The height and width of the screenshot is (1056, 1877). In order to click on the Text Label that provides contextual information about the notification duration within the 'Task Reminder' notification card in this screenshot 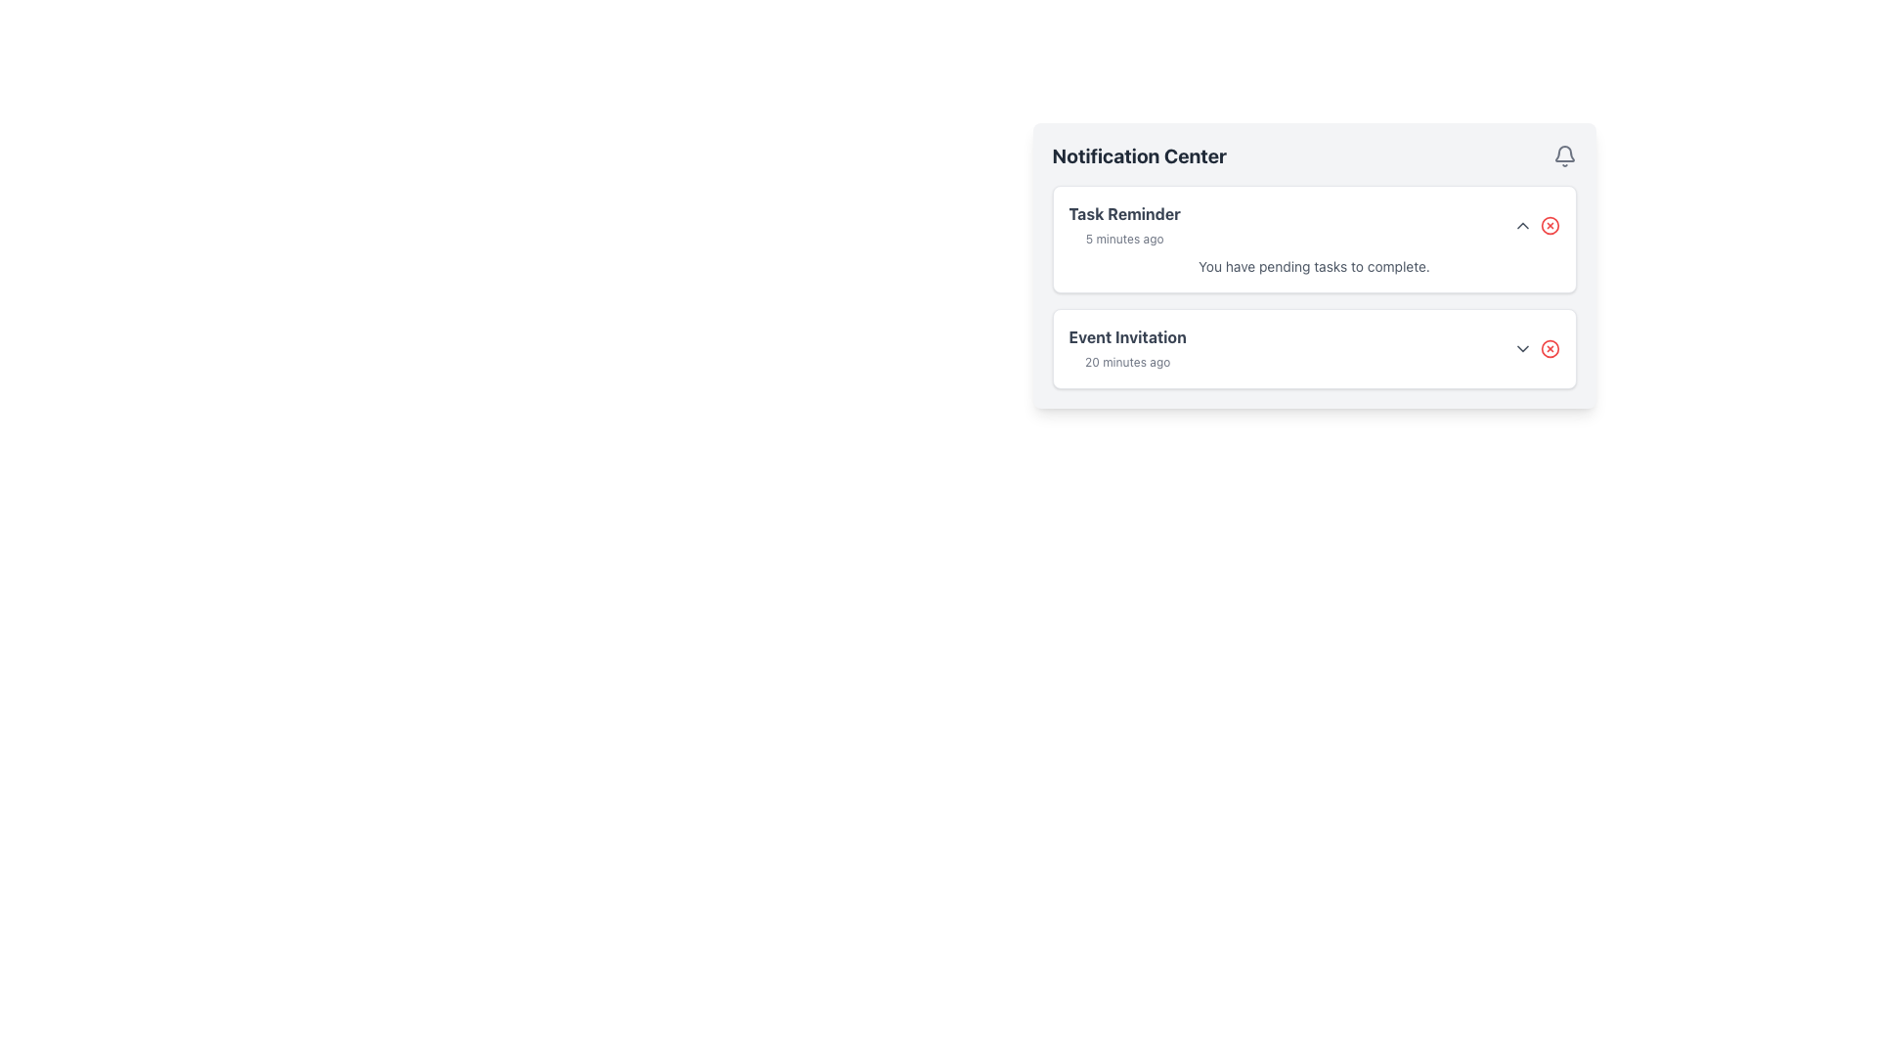, I will do `click(1124, 238)`.